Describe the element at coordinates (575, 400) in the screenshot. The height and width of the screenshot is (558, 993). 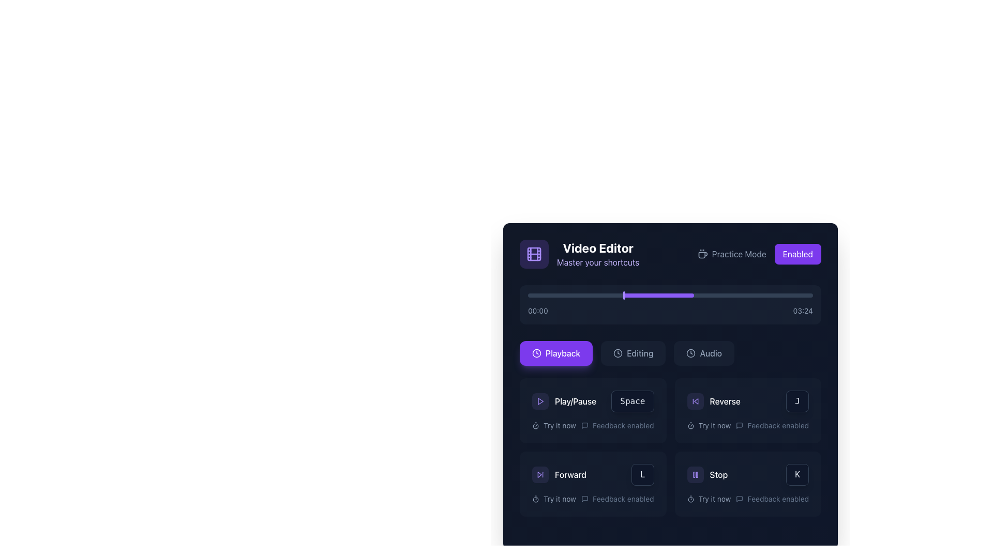
I see `the 'Play/Pause' label, which displays the text in a white font against a dark background, located in the middle-right section of the interface` at that location.